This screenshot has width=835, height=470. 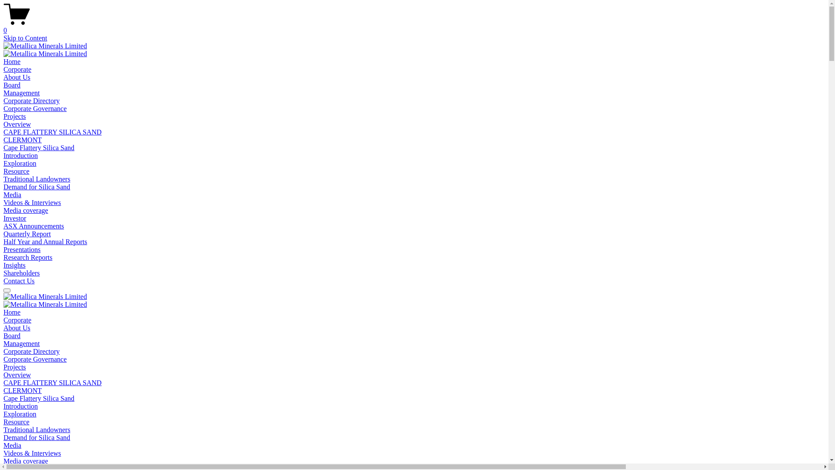 What do you see at coordinates (3, 155) in the screenshot?
I see `'Introduction'` at bounding box center [3, 155].